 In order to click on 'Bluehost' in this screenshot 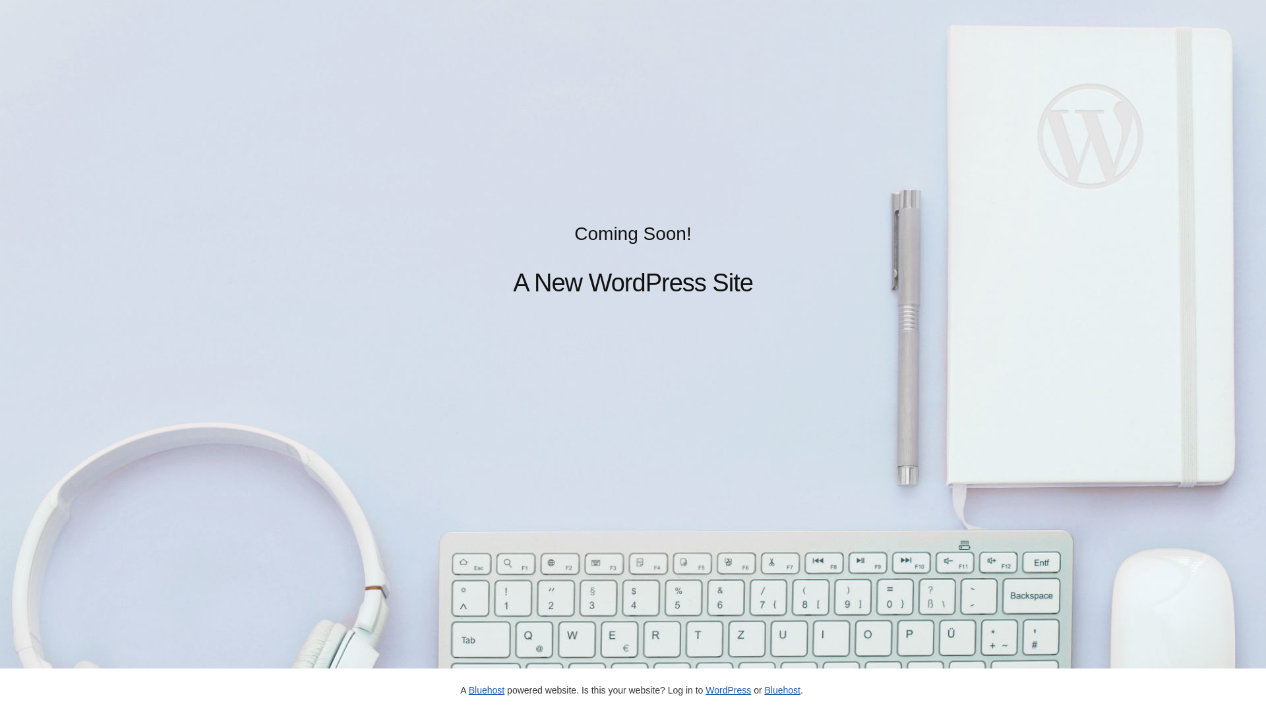, I will do `click(764, 689)`.